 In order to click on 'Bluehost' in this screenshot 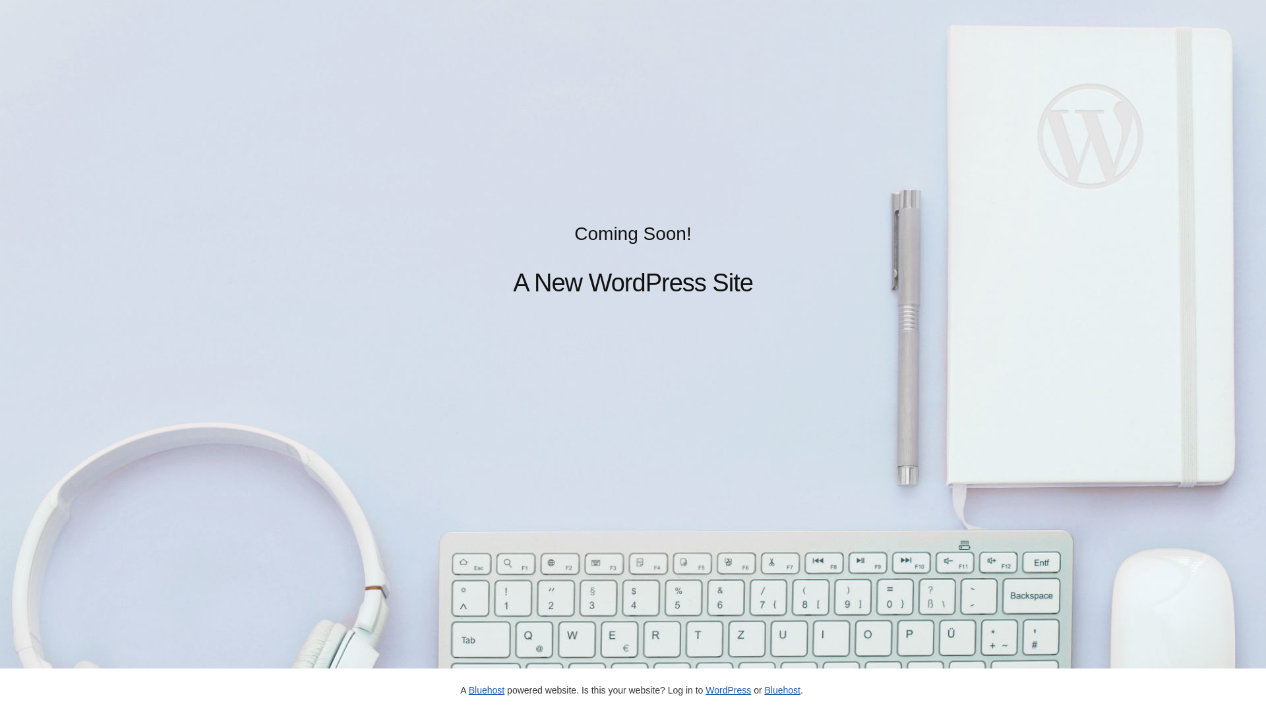, I will do `click(764, 689)`.